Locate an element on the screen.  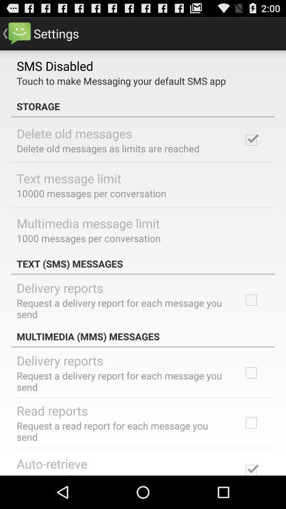
multimedia (mms) messages is located at coordinates (143, 336).